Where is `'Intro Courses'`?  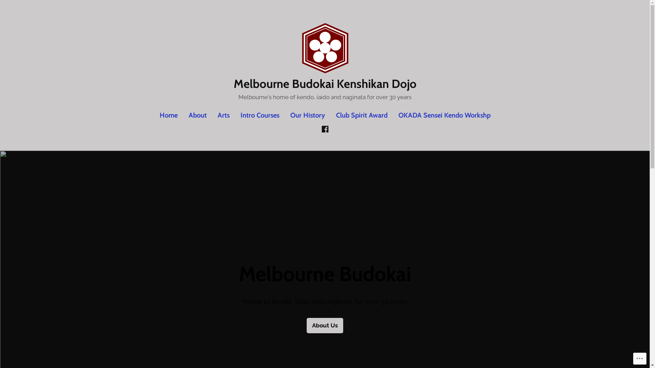 'Intro Courses' is located at coordinates (259, 114).